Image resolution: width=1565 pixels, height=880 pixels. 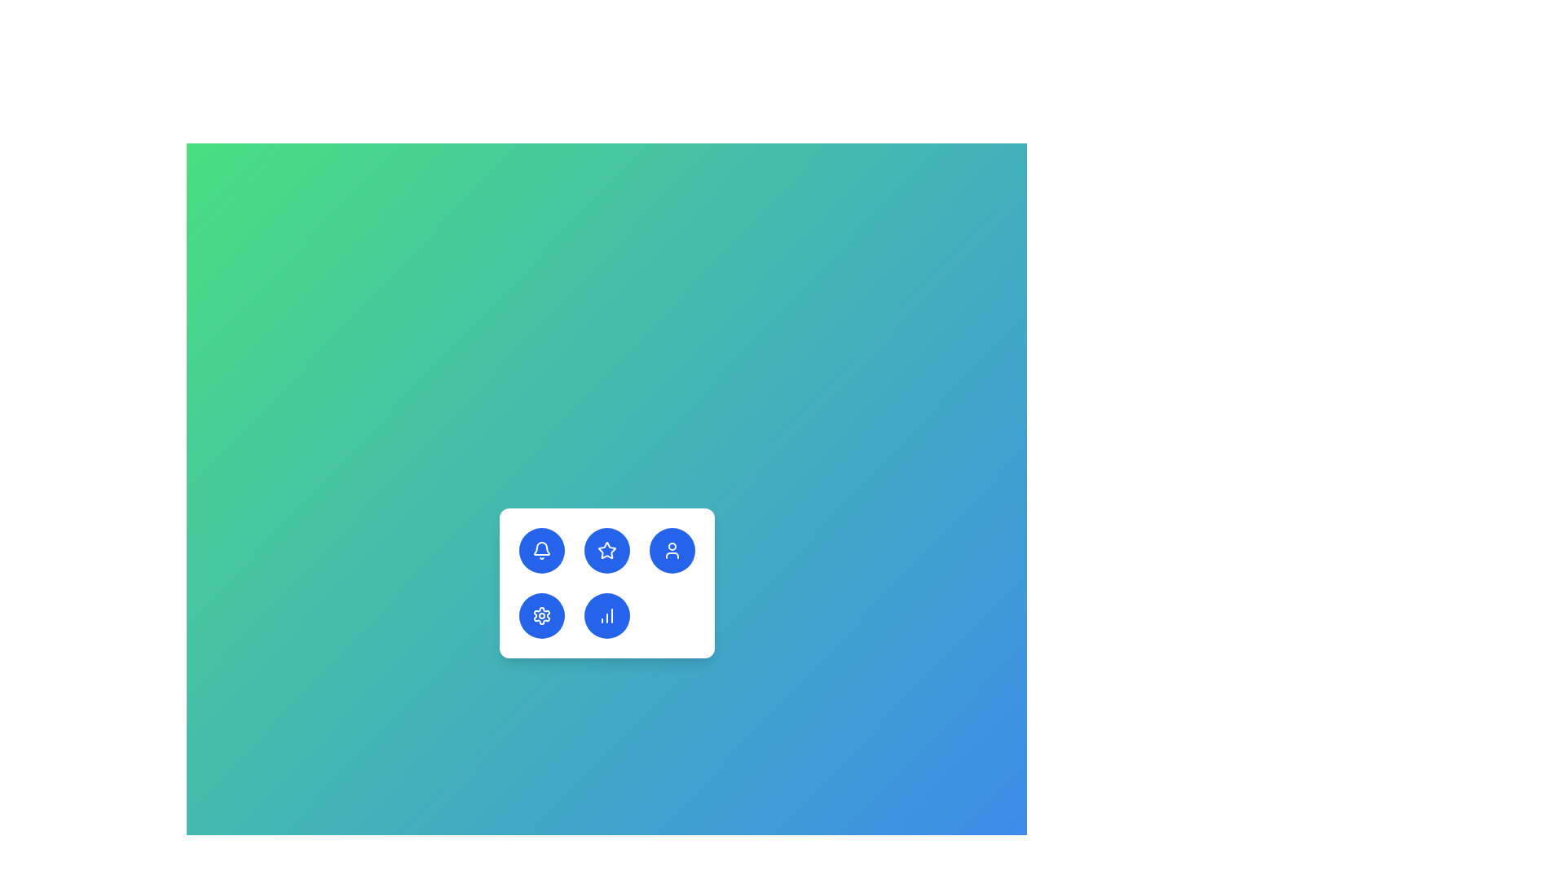 I want to click on the bell icon in the top-left corner of the grid, so click(x=541, y=550).